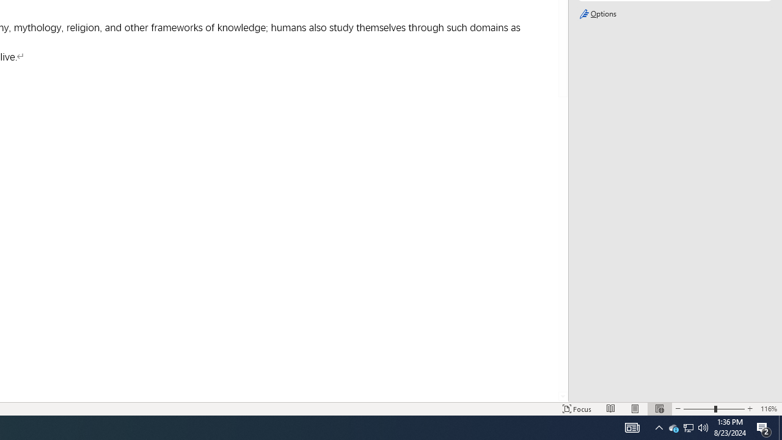 This screenshot has width=782, height=440. Describe the element at coordinates (714, 409) in the screenshot. I see `'Zoom'` at that location.